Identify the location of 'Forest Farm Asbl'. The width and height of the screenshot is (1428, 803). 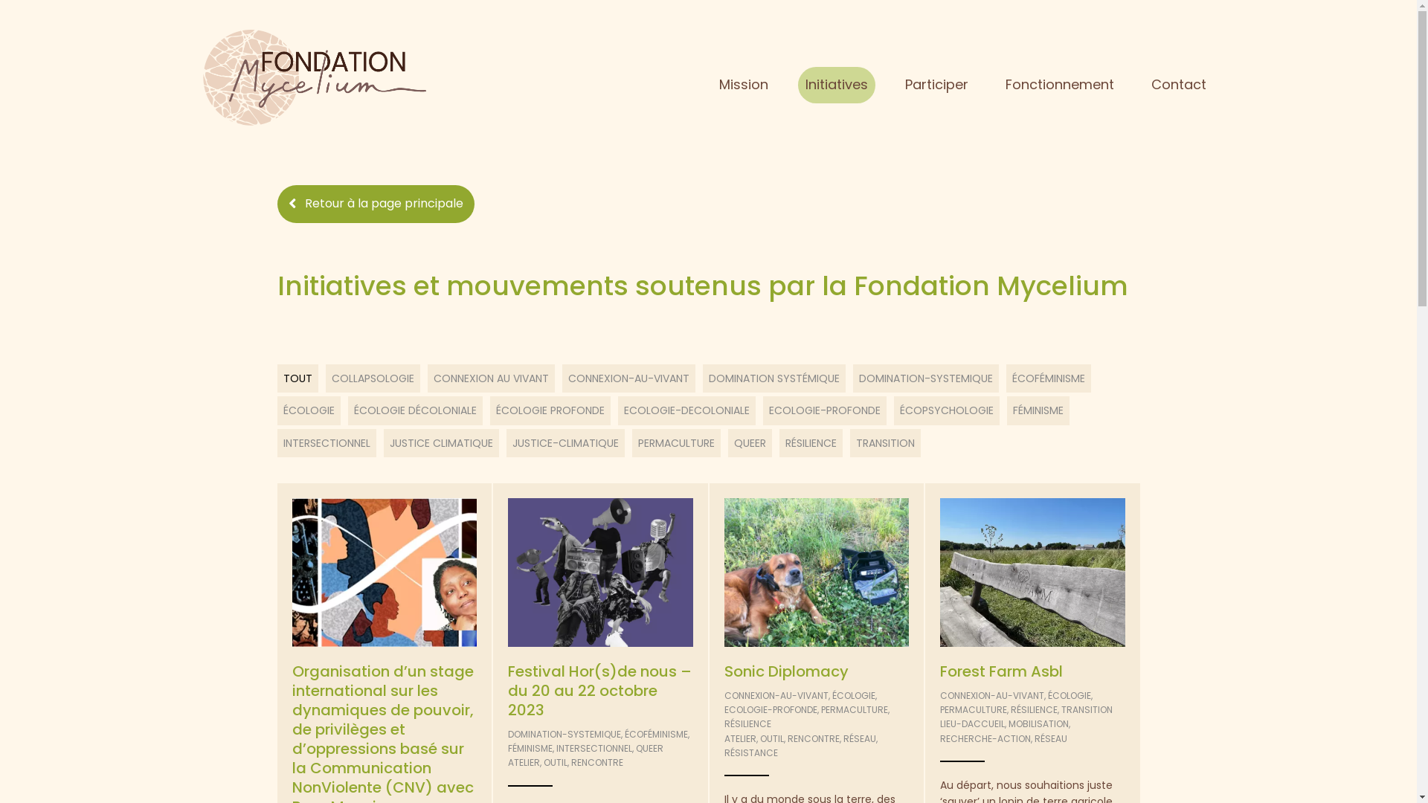
(1001, 671).